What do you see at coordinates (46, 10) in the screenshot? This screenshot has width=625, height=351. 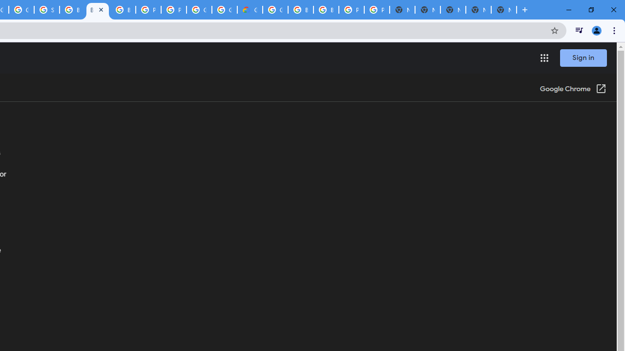 I see `'Sign in - Google Accounts'` at bounding box center [46, 10].